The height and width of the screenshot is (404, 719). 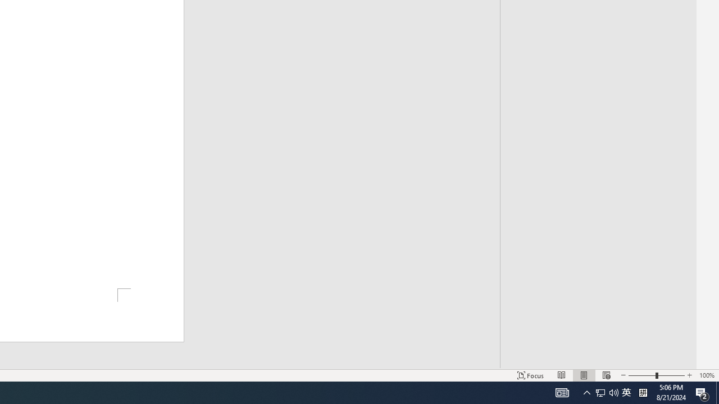 What do you see at coordinates (706, 375) in the screenshot?
I see `'Zoom 100%'` at bounding box center [706, 375].